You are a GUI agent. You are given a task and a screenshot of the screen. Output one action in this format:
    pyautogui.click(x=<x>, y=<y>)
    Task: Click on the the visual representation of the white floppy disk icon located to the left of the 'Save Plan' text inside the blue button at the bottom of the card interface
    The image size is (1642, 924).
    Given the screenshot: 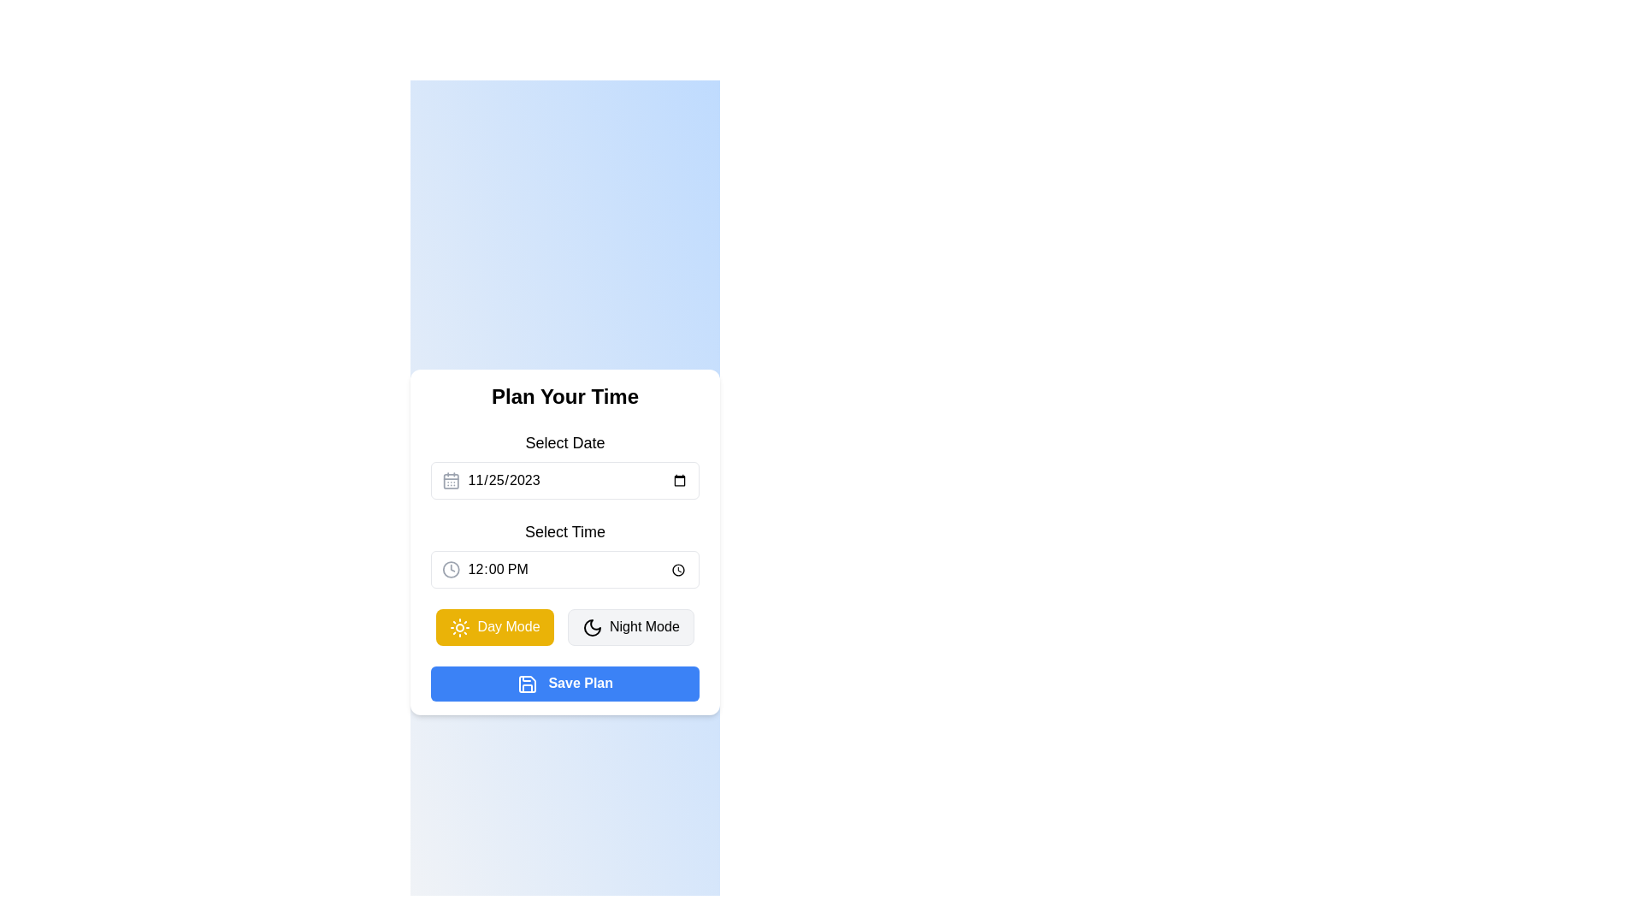 What is the action you would take?
    pyautogui.click(x=526, y=683)
    